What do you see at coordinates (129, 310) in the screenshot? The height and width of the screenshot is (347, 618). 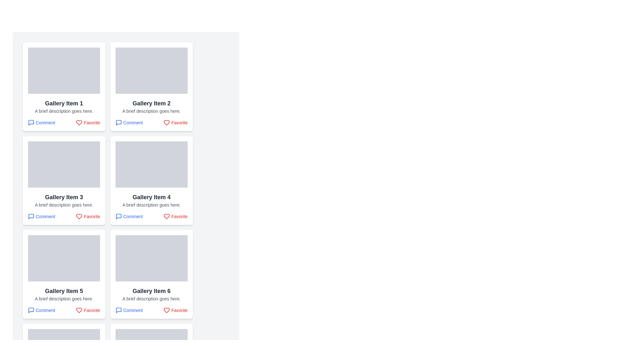 I see `the 'Comment' hyperlink text styled in blue next to the speech bubble icon` at bounding box center [129, 310].